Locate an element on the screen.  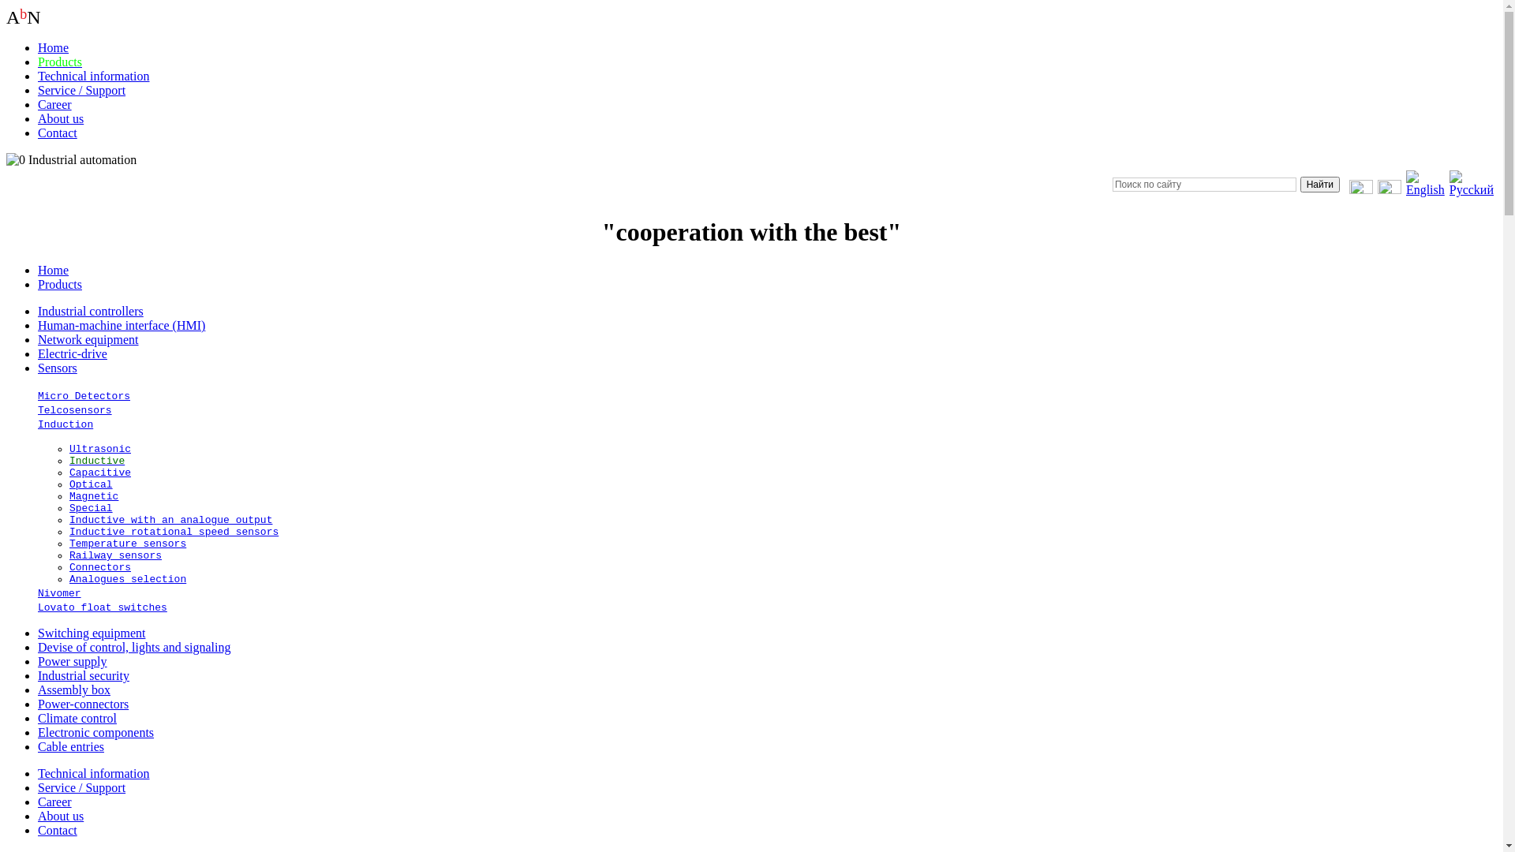
'Sensors' is located at coordinates (57, 368).